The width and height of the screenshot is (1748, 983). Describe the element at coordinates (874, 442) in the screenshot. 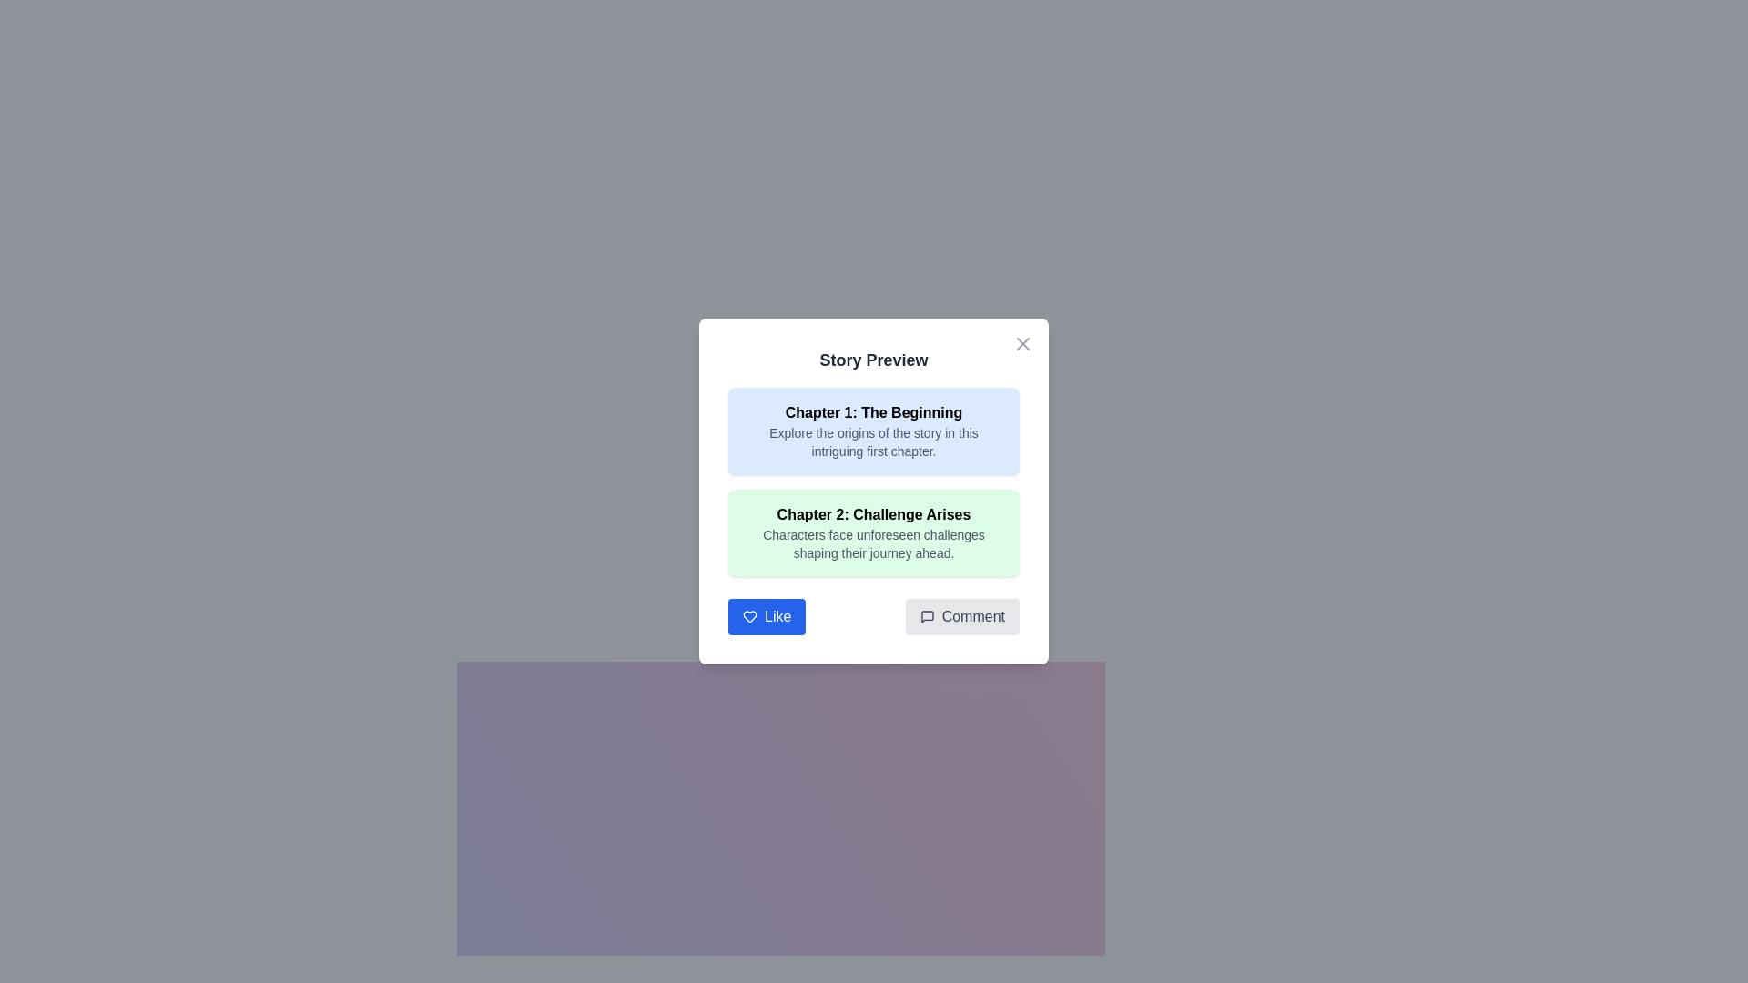

I see `the small gray text label that contains the sentence 'Explore the origins of the story in this intriguing first chapter.' located beneath the bold title 'Chapter 1: The Beginning' within a light blue background rectangle` at that location.